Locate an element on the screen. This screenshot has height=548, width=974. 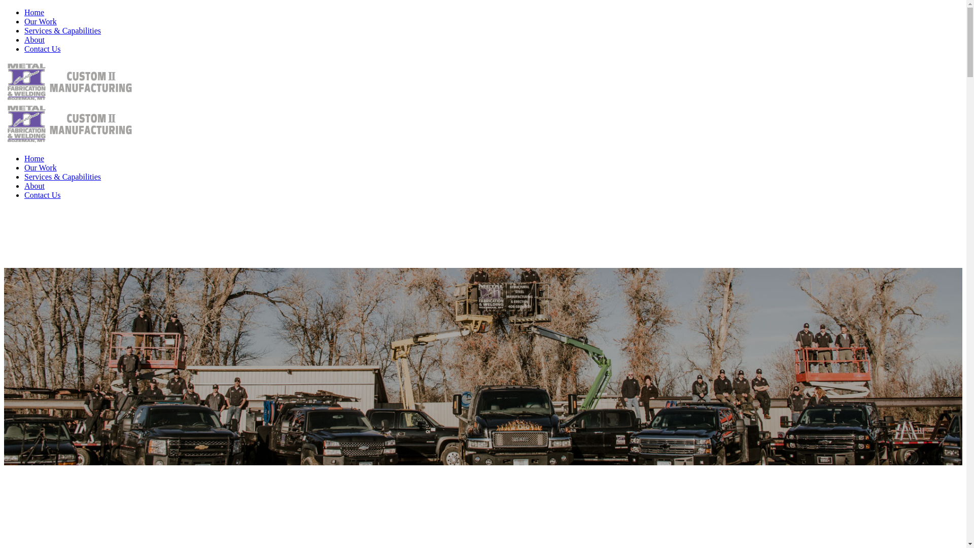
'Home' is located at coordinates (34, 158).